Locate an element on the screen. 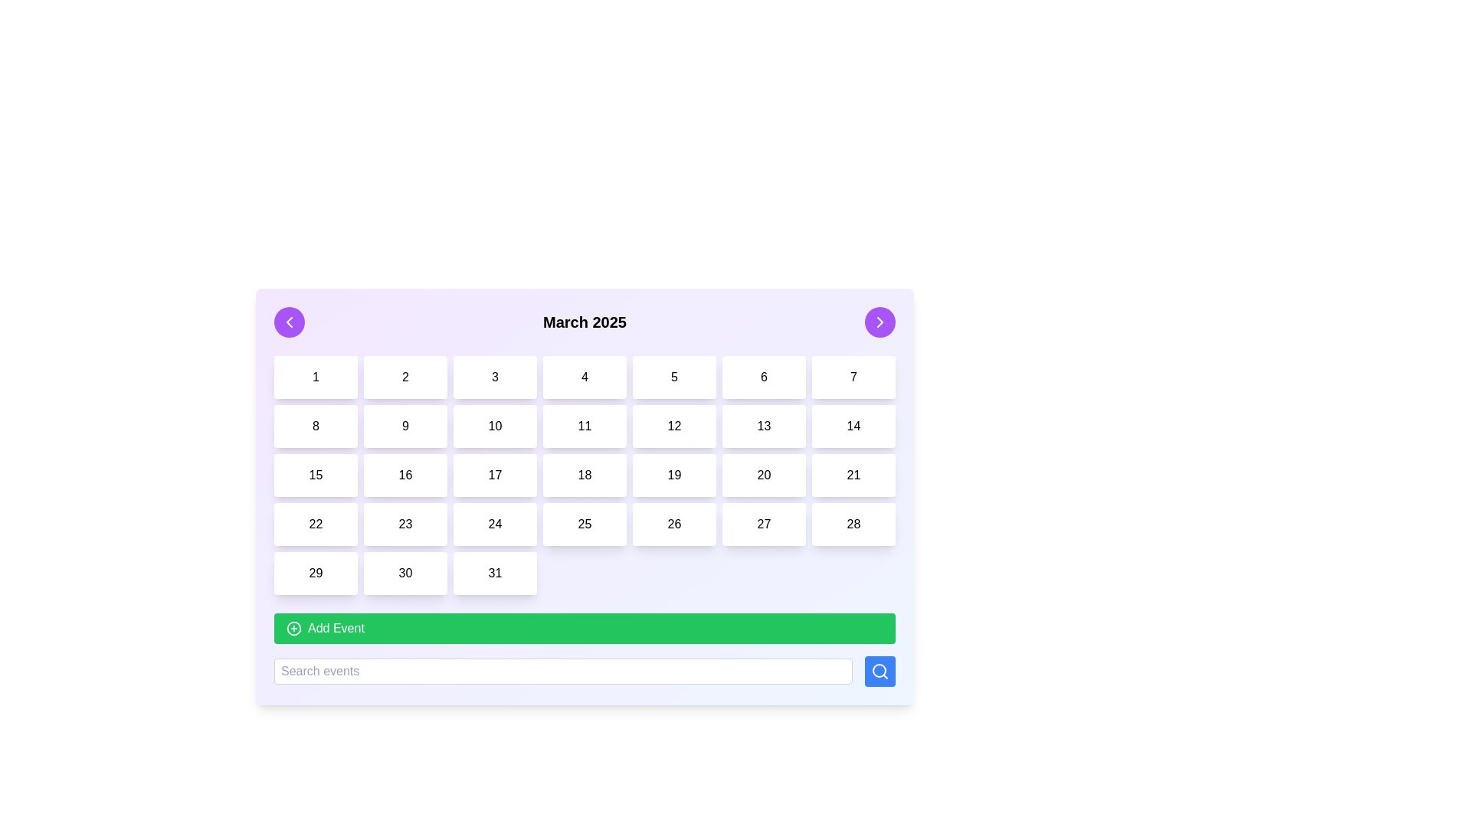 The width and height of the screenshot is (1471, 827). the circular graphic component of the magnifying glass icon representing search functionality, located in the bottom-right corner of the interface is located at coordinates (879, 669).